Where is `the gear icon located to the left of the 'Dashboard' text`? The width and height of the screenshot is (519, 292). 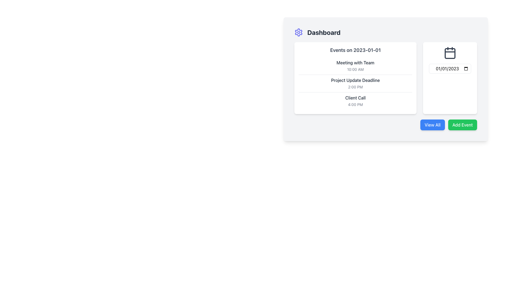
the gear icon located to the left of the 'Dashboard' text is located at coordinates (298, 32).